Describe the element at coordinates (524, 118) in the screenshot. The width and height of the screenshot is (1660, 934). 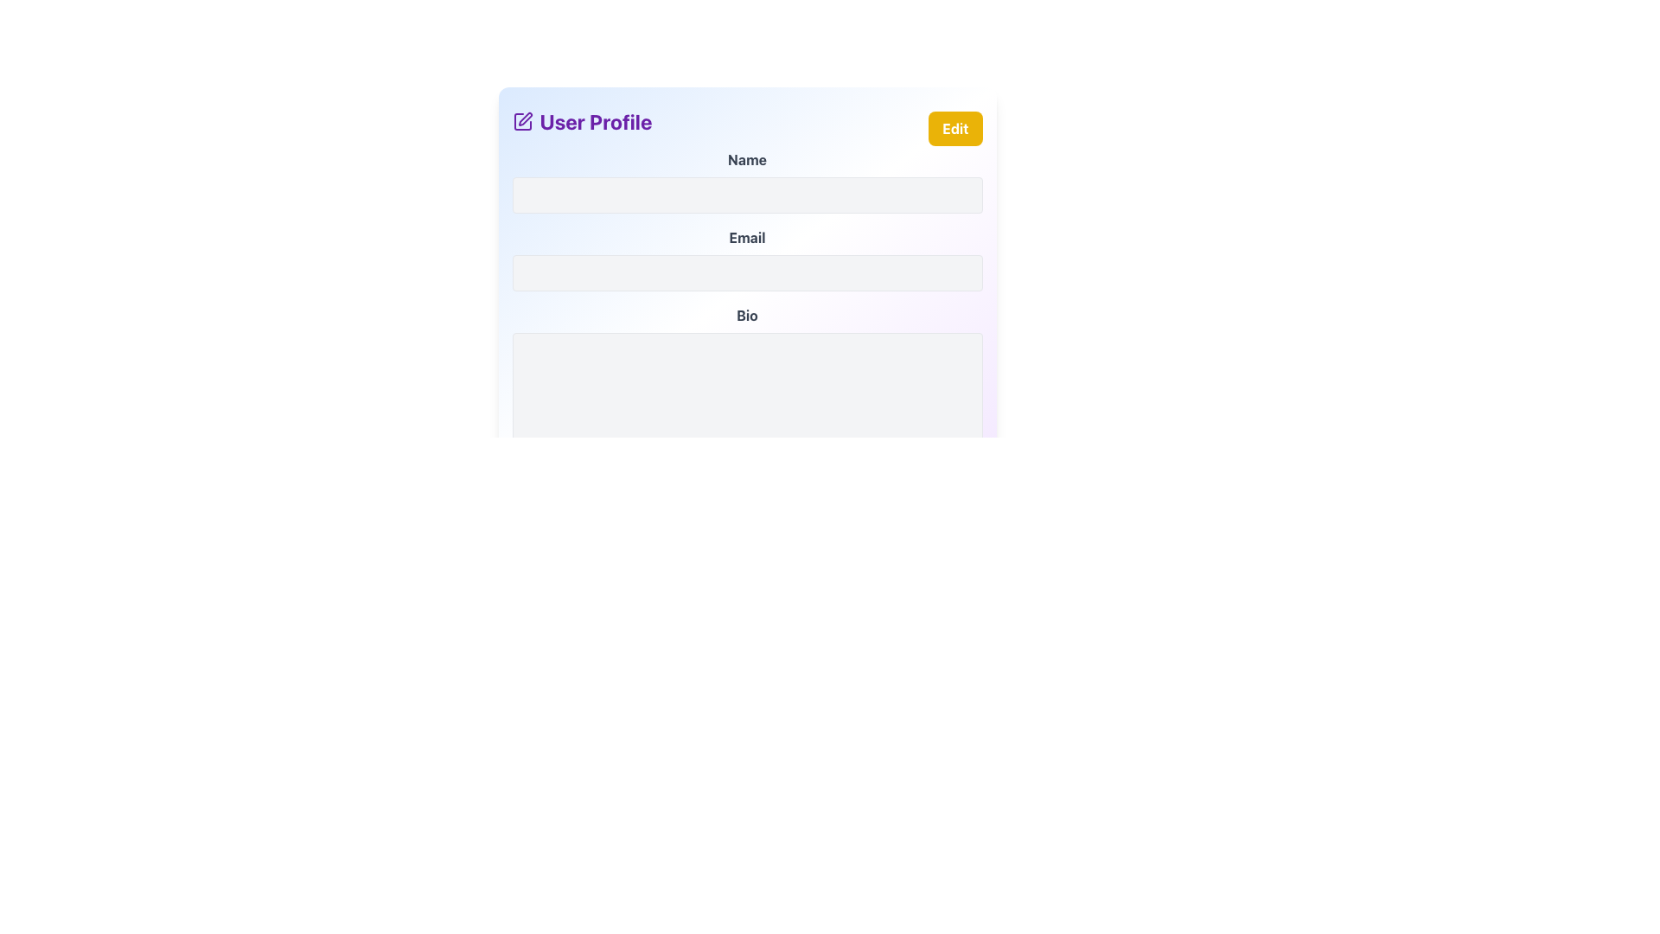
I see `the pen icon element within the purple graphical representation adjacent to the 'User Profile' text in the top left corner of the interface` at that location.